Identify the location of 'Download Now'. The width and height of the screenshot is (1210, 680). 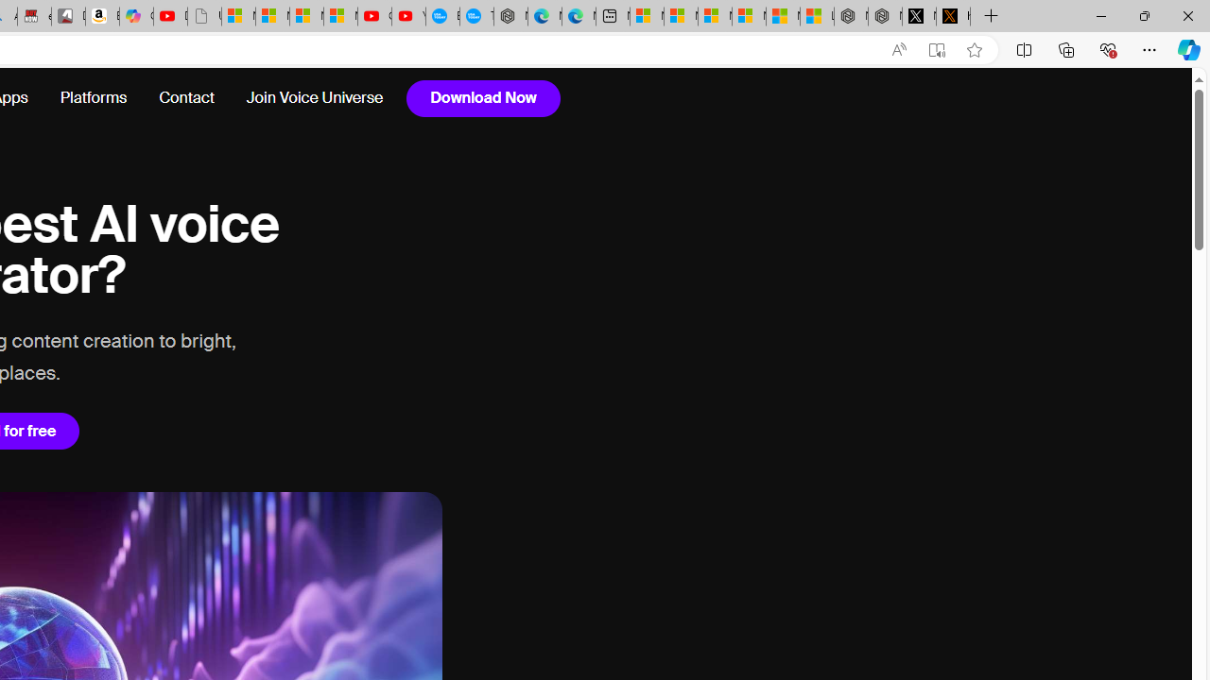
(483, 98).